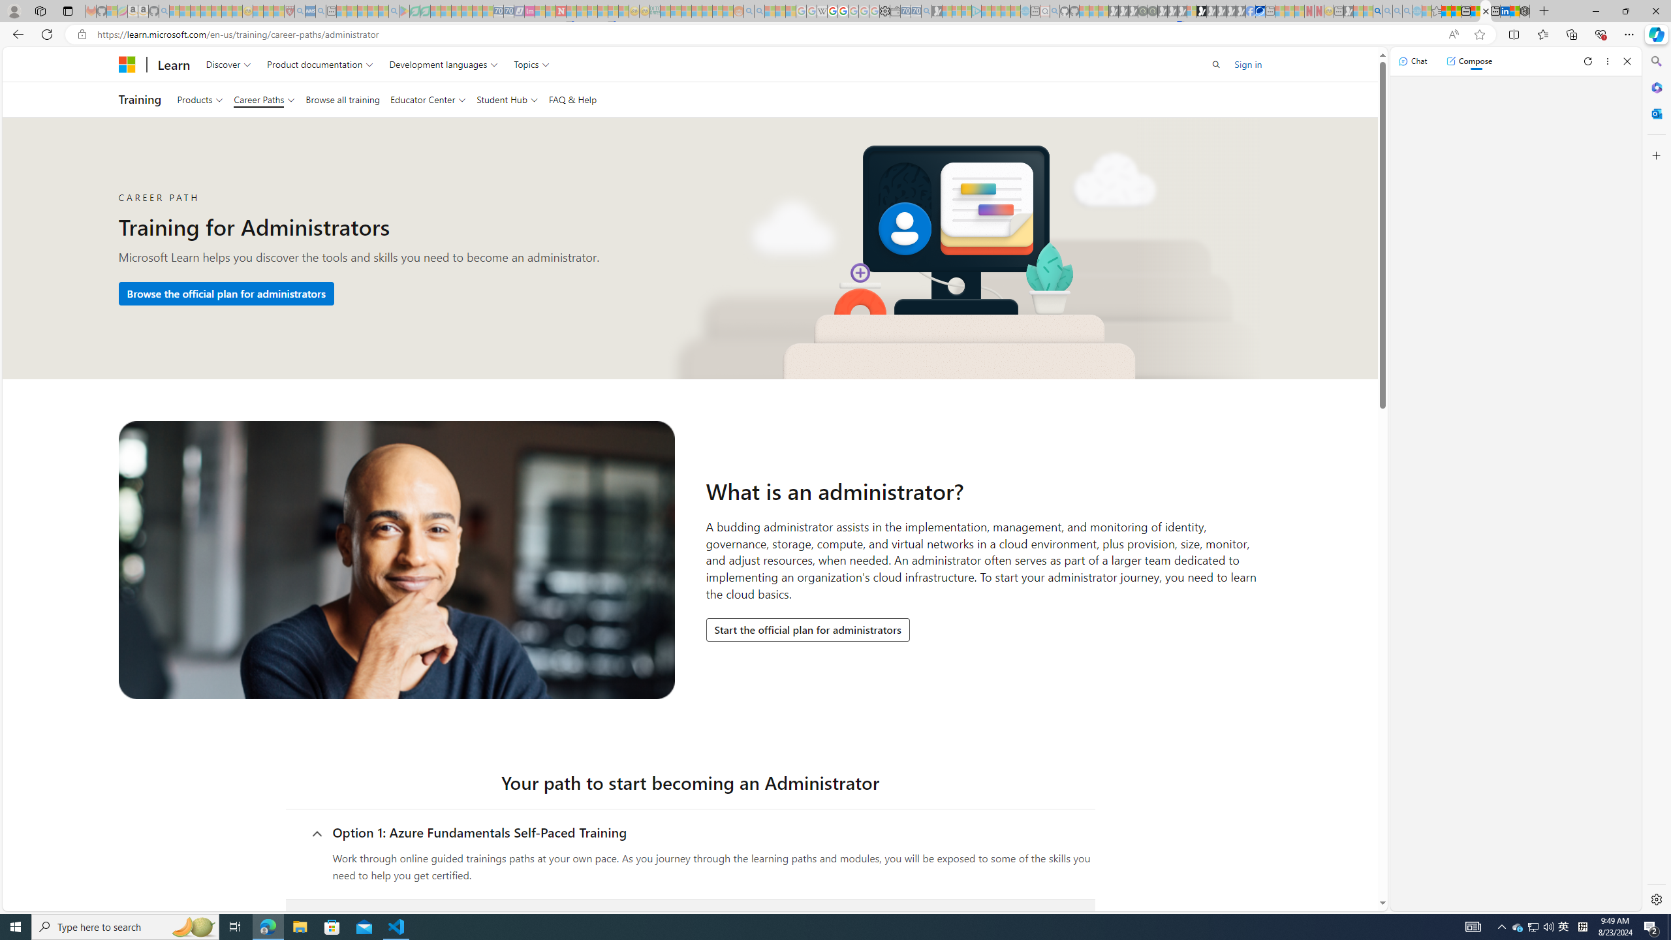 This screenshot has height=940, width=1671. What do you see at coordinates (531, 63) in the screenshot?
I see `'Topics'` at bounding box center [531, 63].